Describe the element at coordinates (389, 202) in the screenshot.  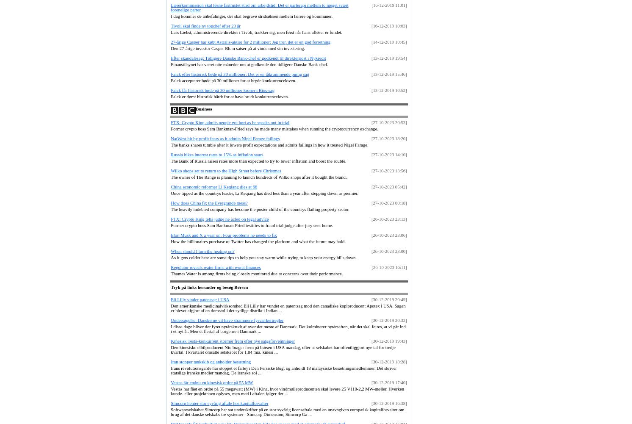
I see `'[27-10-2023 00:18]'` at that location.